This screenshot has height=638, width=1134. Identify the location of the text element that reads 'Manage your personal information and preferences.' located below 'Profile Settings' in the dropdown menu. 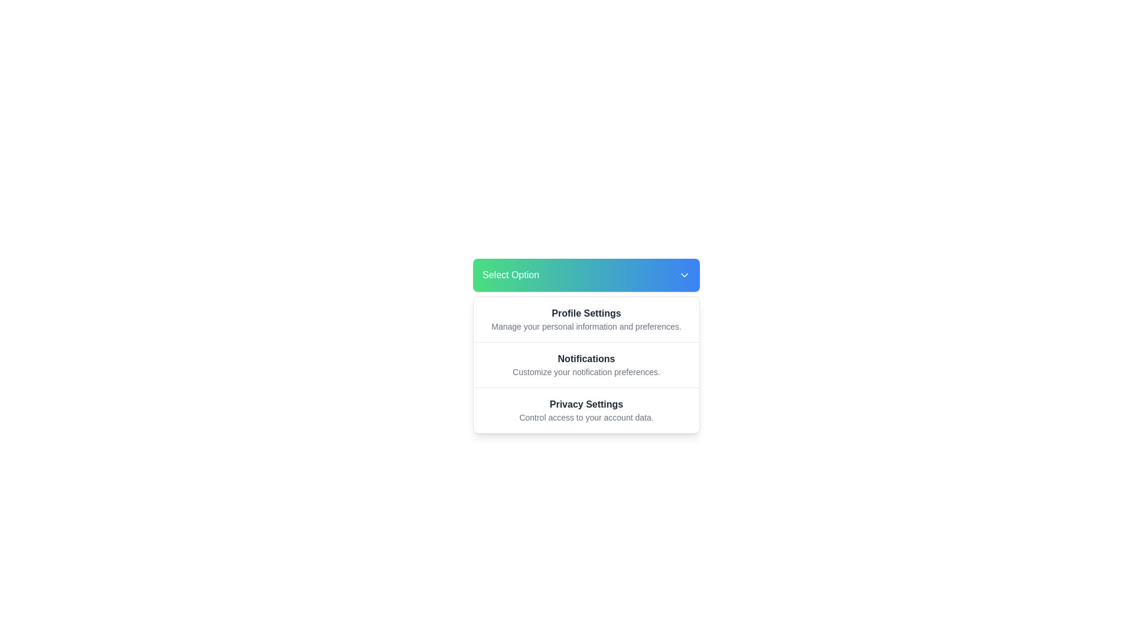
(586, 326).